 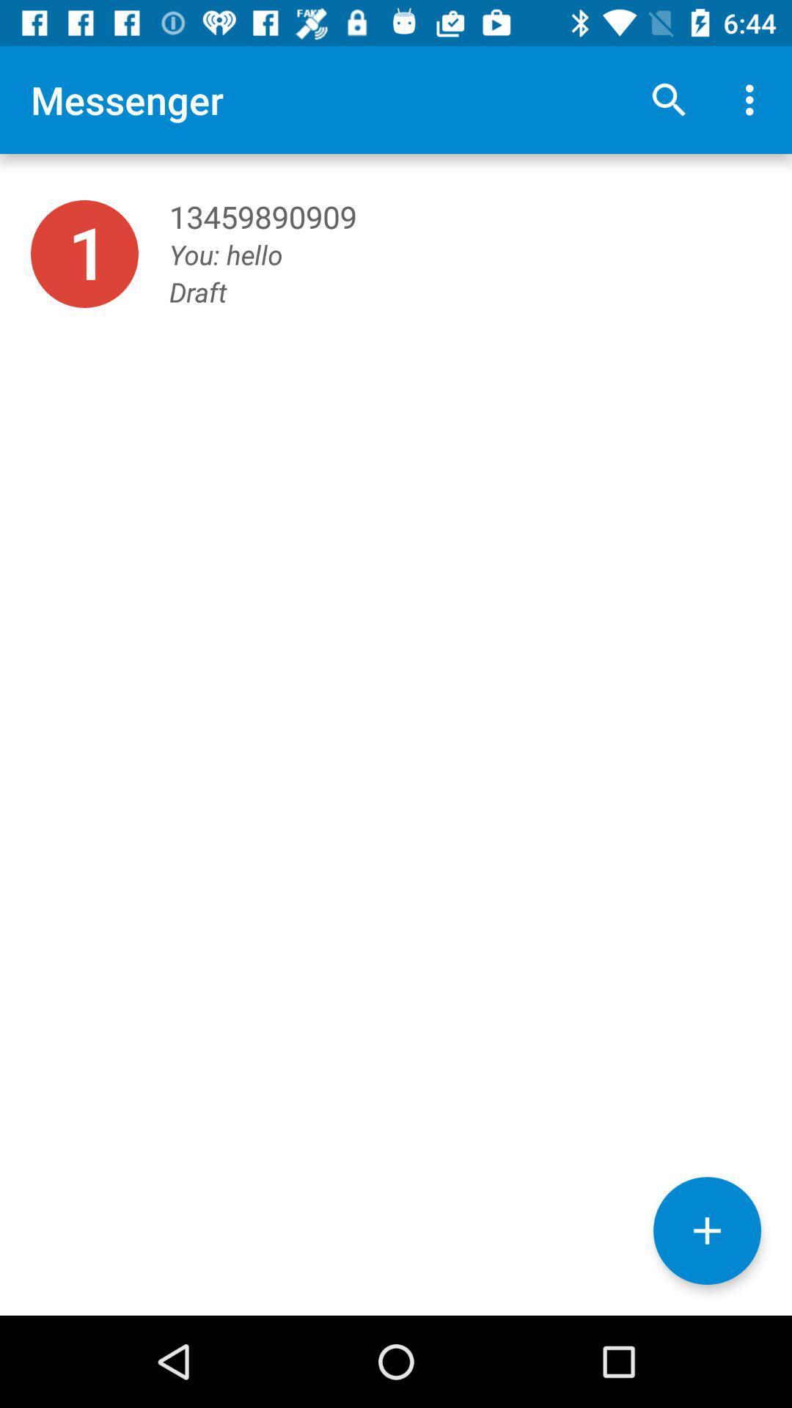 I want to click on the add icon, so click(x=706, y=1231).